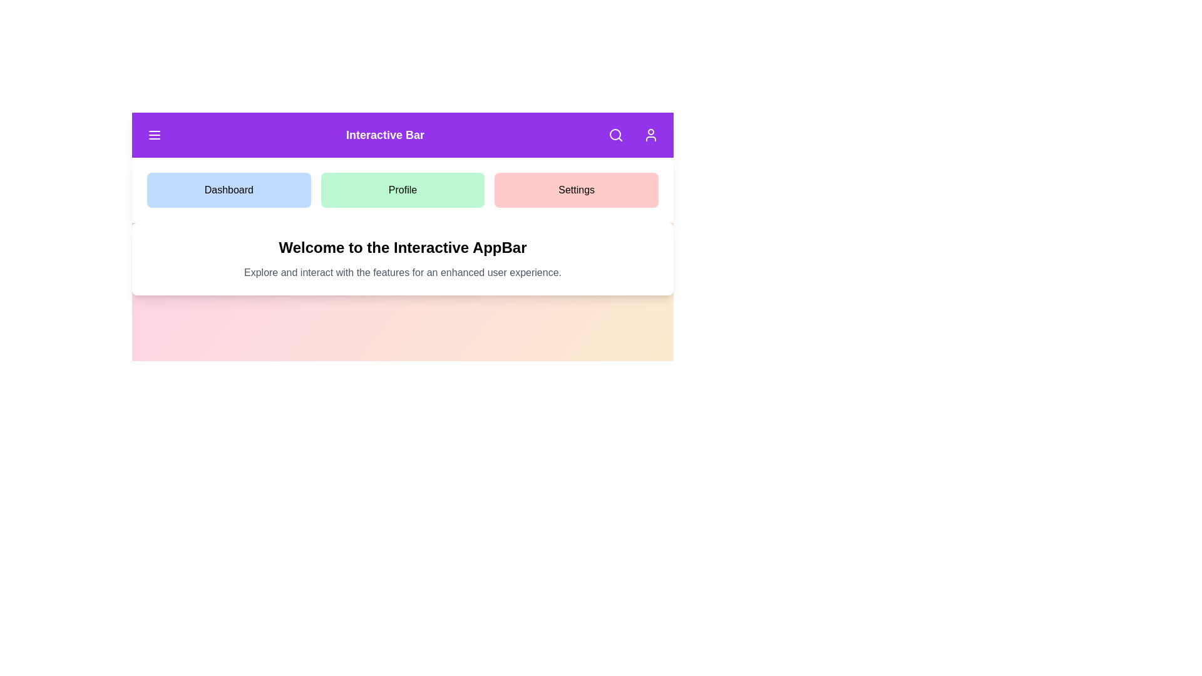 Image resolution: width=1202 pixels, height=676 pixels. Describe the element at coordinates (576, 190) in the screenshot. I see `the 'Settings' button to navigate to the Settings section` at that location.